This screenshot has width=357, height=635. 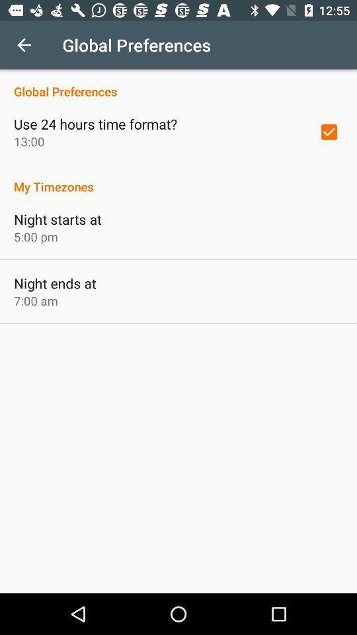 What do you see at coordinates (95, 124) in the screenshot?
I see `icon above the 13:00 item` at bounding box center [95, 124].